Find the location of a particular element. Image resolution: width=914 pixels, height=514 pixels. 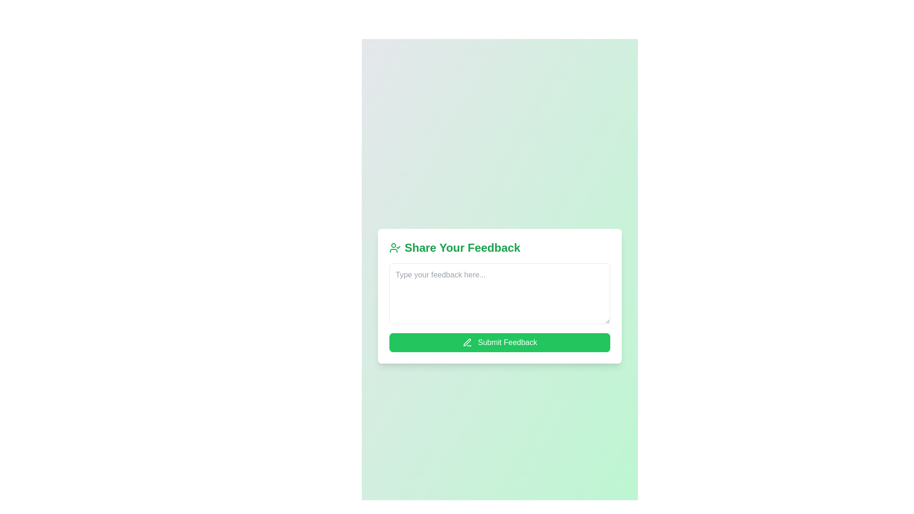

the non-interactive pen icon located to the left of the 'Submit Feedback' button, which is rendered in white against a green background is located at coordinates (467, 343).